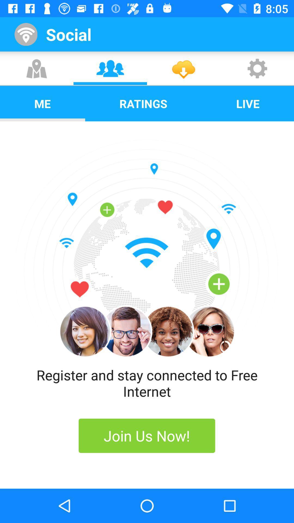 This screenshot has height=523, width=294. Describe the element at coordinates (29, 34) in the screenshot. I see `icon which is on the left side of social` at that location.